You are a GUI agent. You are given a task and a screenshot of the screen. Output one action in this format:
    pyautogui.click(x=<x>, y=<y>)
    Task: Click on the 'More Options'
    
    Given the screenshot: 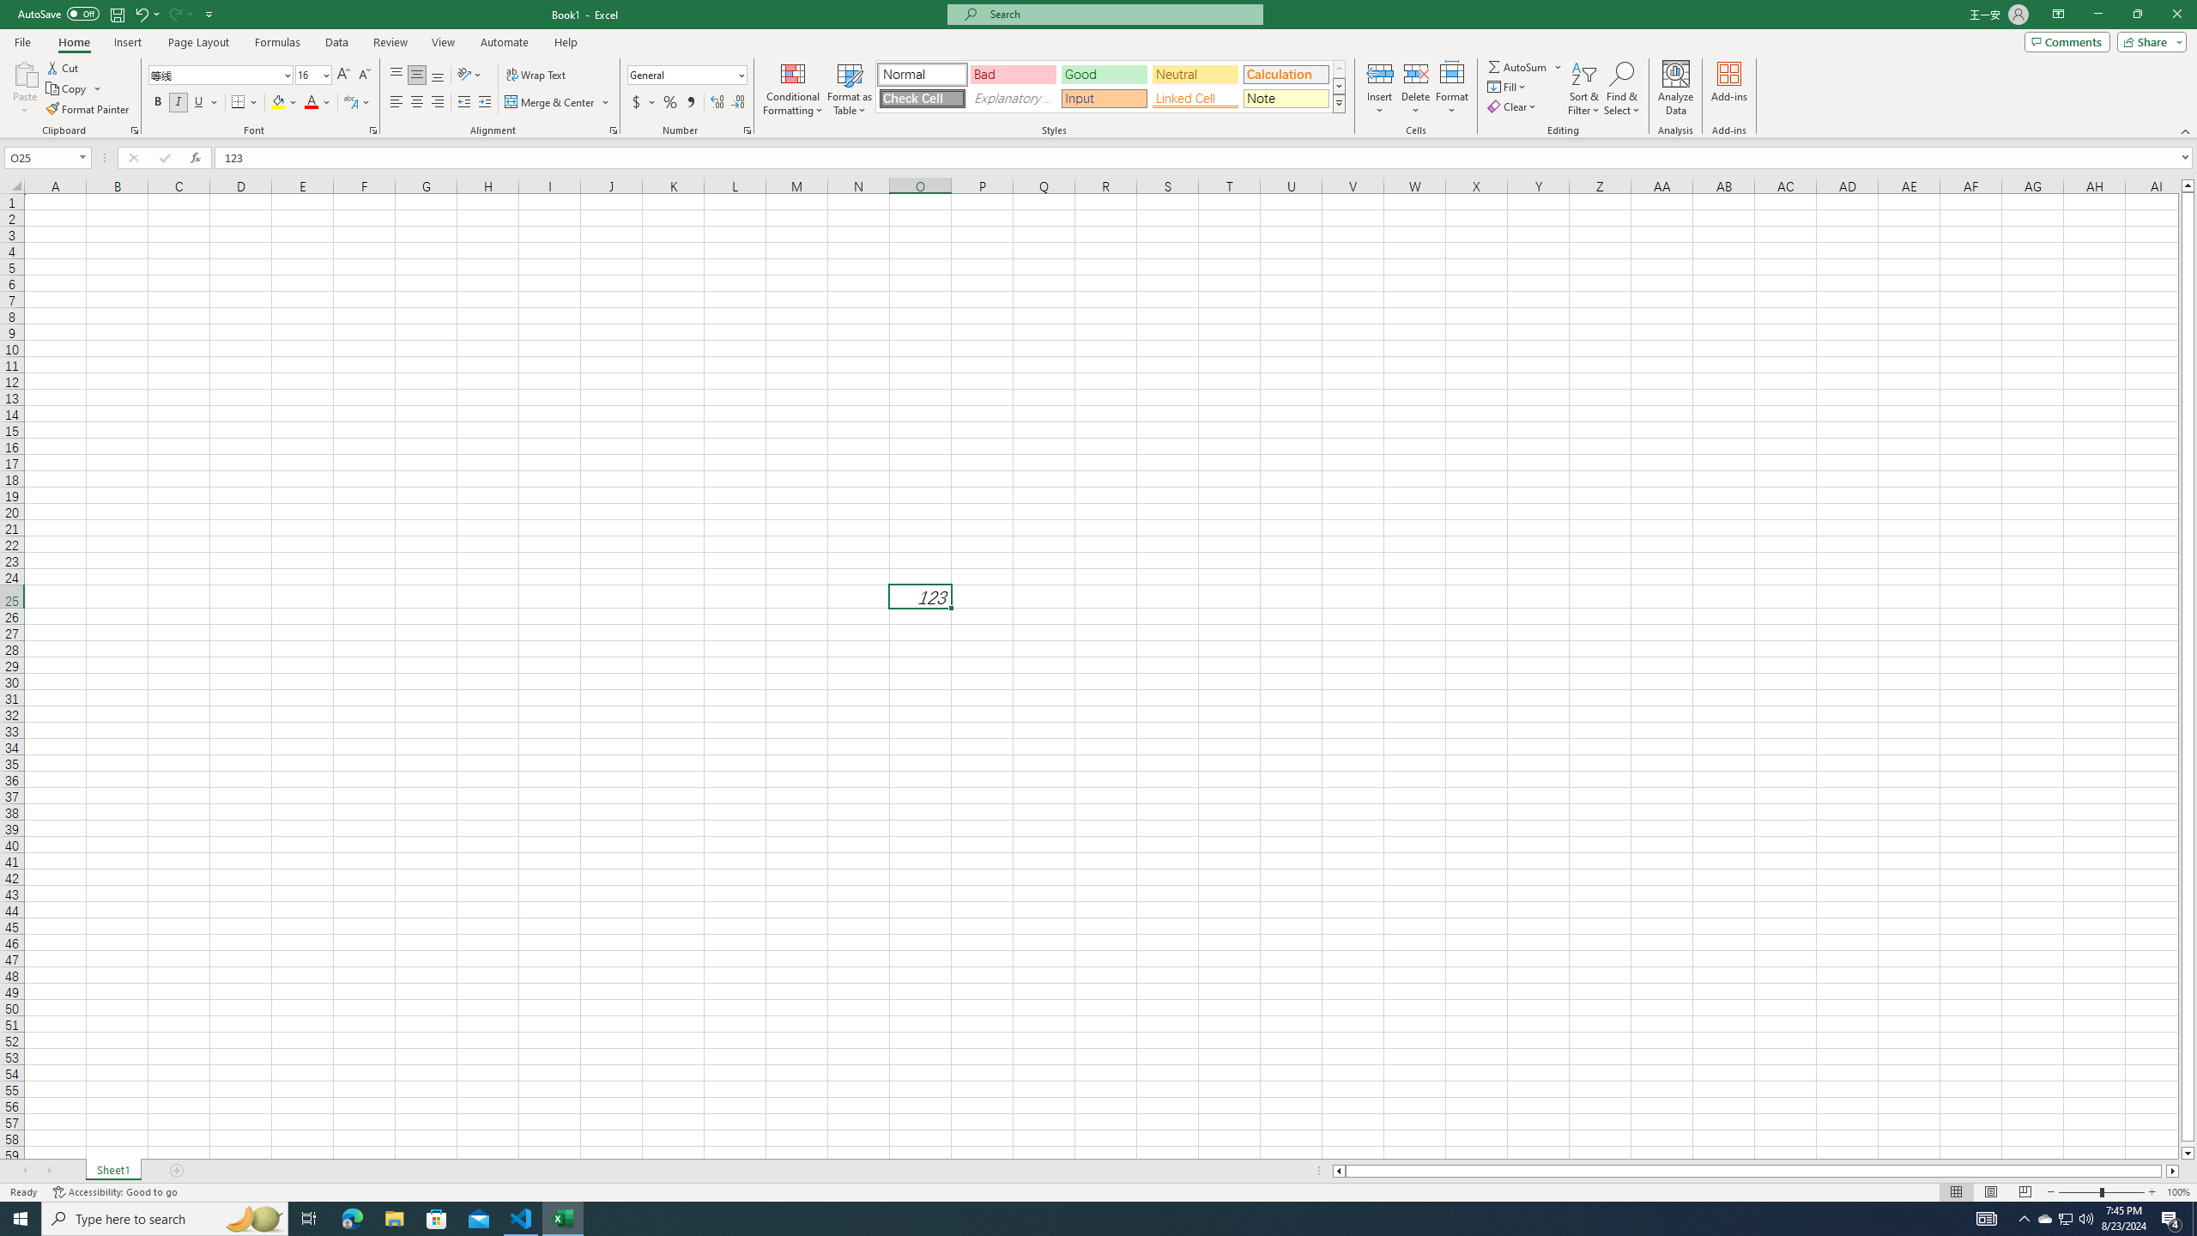 What is the action you would take?
    pyautogui.click(x=1559, y=66)
    